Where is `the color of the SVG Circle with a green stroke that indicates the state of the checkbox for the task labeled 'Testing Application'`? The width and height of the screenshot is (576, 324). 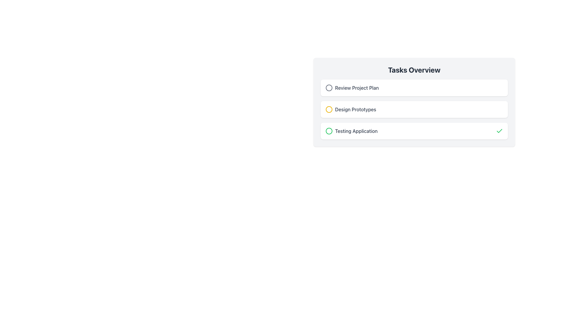
the color of the SVG Circle with a green stroke that indicates the state of the checkbox for the task labeled 'Testing Application' is located at coordinates (329, 130).